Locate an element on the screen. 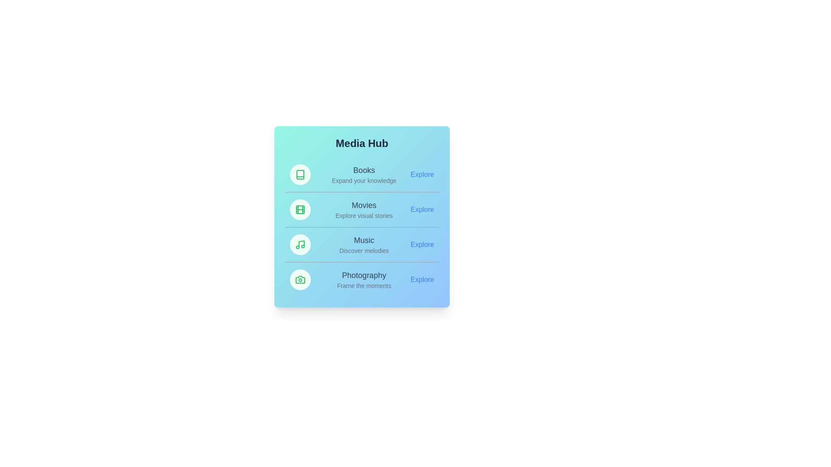 The image size is (831, 467). the icon of the Music category is located at coordinates (300, 245).